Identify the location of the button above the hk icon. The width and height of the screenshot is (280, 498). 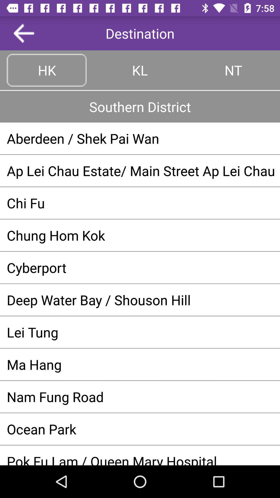
(24, 33).